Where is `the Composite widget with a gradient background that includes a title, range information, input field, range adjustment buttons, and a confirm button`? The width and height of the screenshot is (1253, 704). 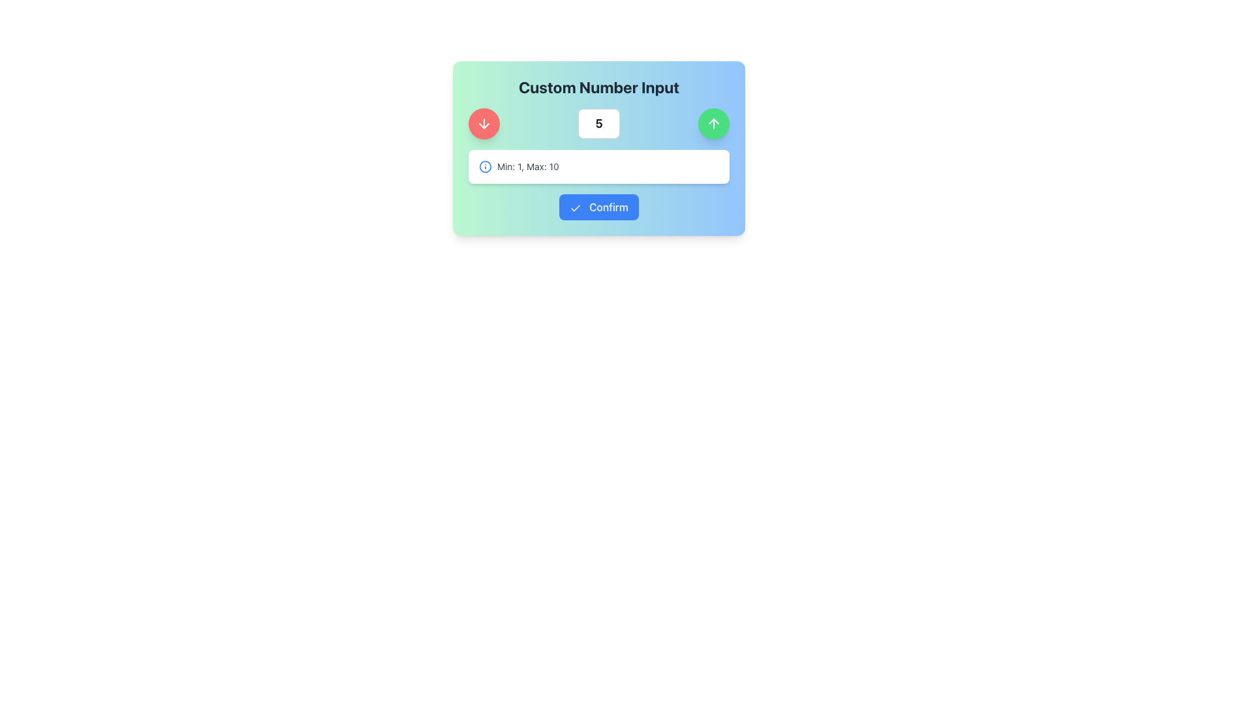 the Composite widget with a gradient background that includes a title, range information, input field, range adjustment buttons, and a confirm button is located at coordinates (598, 147).